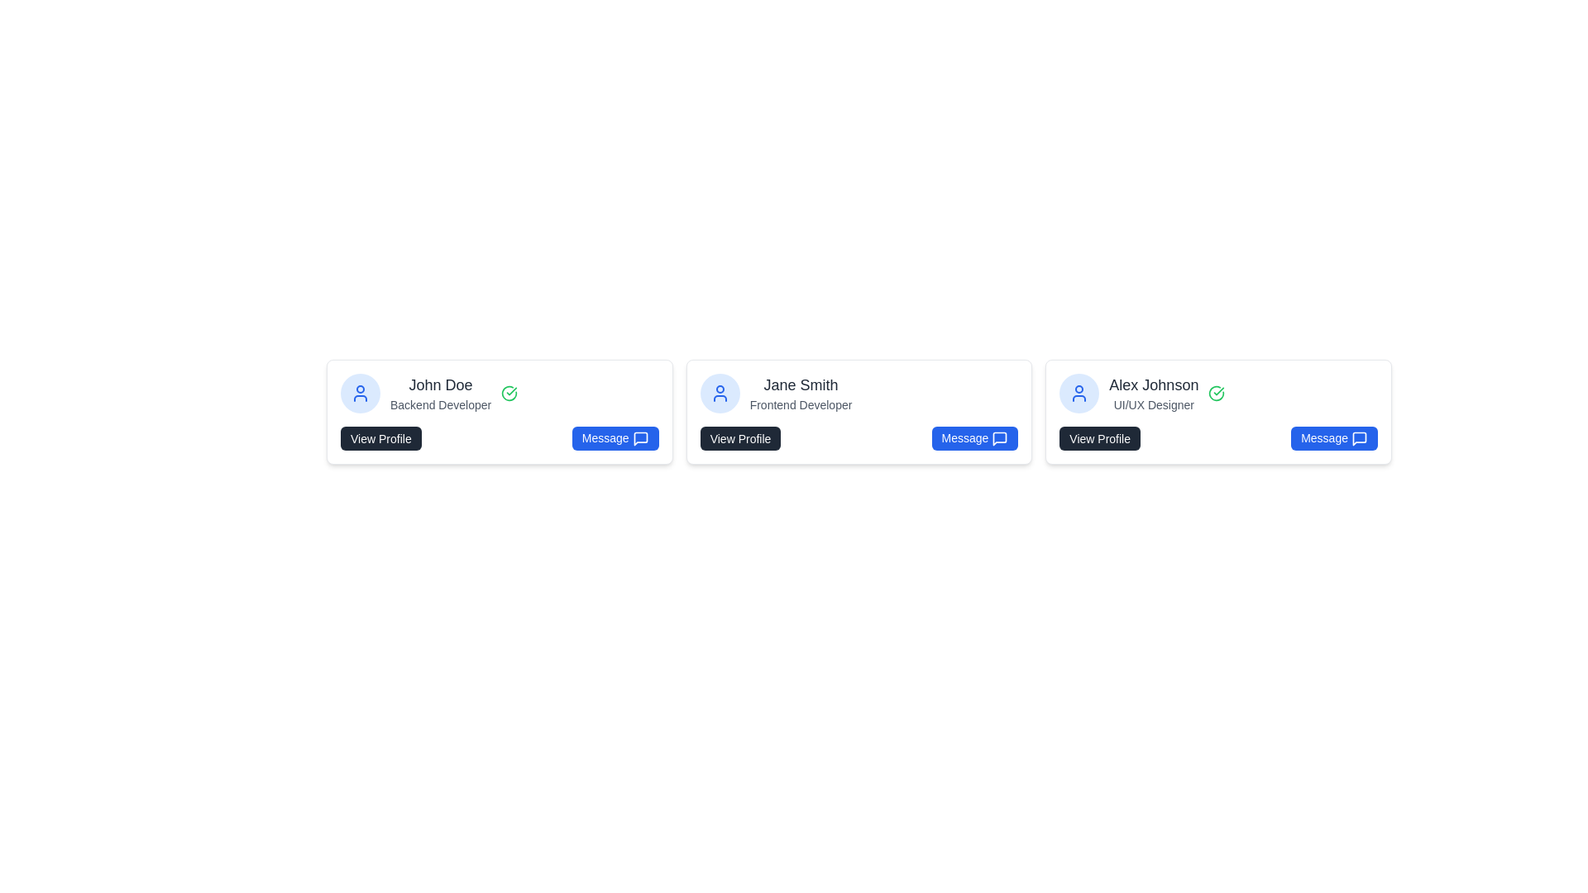  What do you see at coordinates (441, 404) in the screenshot?
I see `the label indicating the user's occupation ('Backend Developer') located below 'John Doe' in the profile card of 'John Doe'` at bounding box center [441, 404].